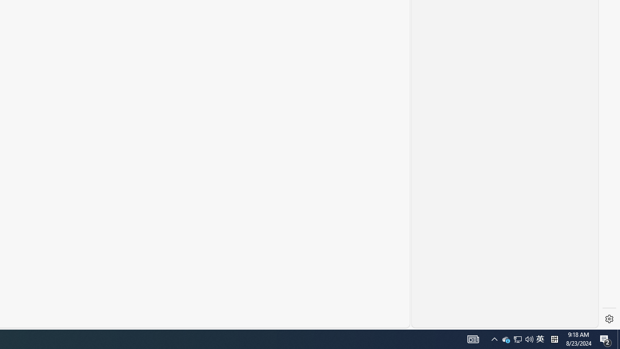 The image size is (620, 349). Describe the element at coordinates (618, 338) in the screenshot. I see `'Show desktop'` at that location.